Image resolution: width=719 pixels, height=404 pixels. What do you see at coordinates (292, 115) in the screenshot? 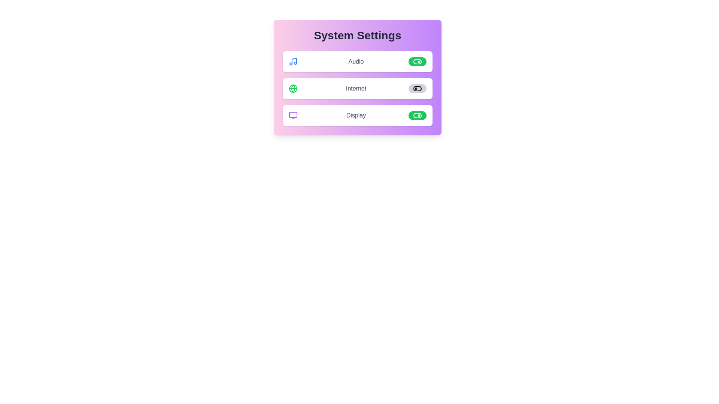
I see `the decorative icon for the 'Display' setting located in the bottom row of the 'System Settings' card, to the left of the label 'Display'` at bounding box center [292, 115].